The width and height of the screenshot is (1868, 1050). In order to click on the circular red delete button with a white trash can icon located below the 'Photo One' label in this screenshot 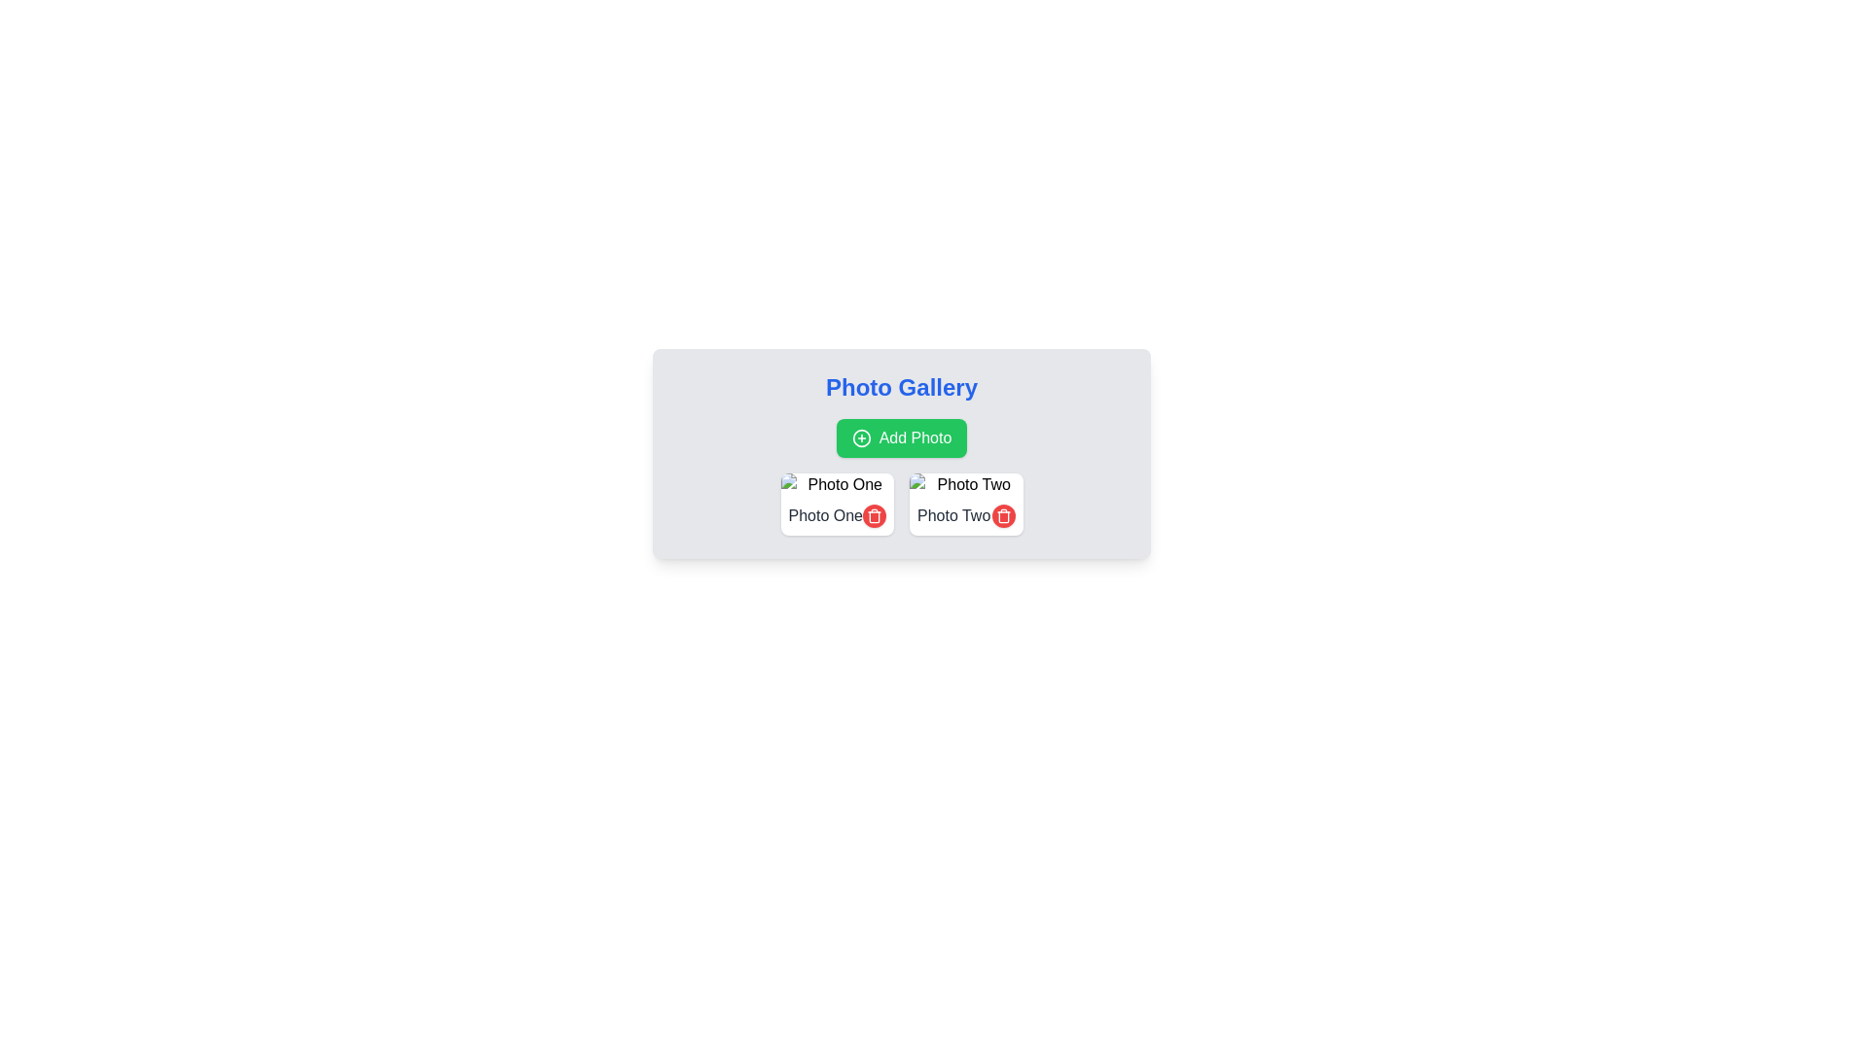, I will do `click(873, 515)`.